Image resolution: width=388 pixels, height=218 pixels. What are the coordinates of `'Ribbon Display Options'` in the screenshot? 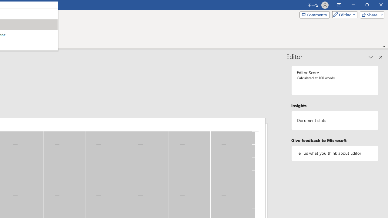 It's located at (339, 5).